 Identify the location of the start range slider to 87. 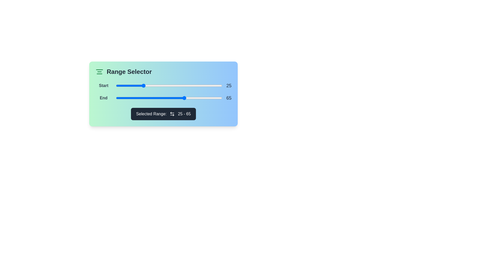
(208, 85).